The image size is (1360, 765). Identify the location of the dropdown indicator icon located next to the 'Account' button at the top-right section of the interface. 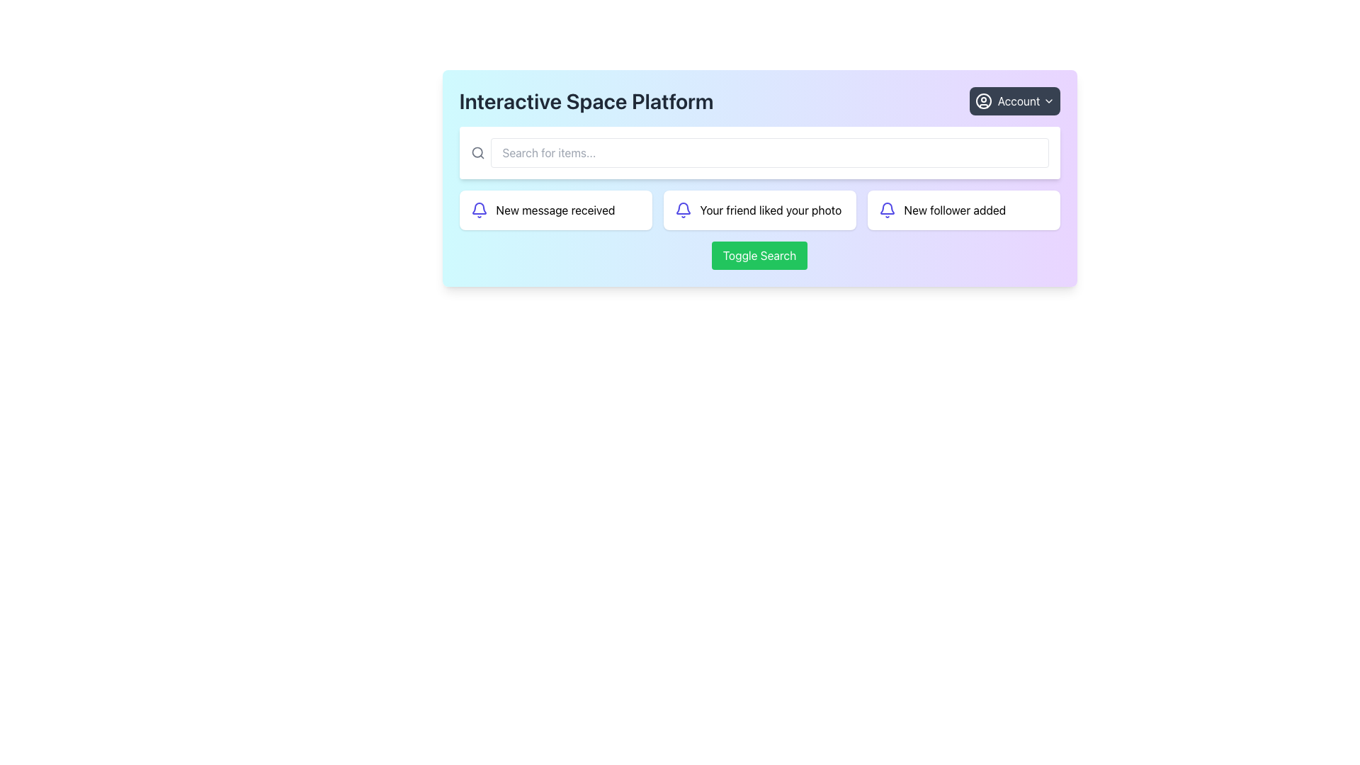
(1048, 100).